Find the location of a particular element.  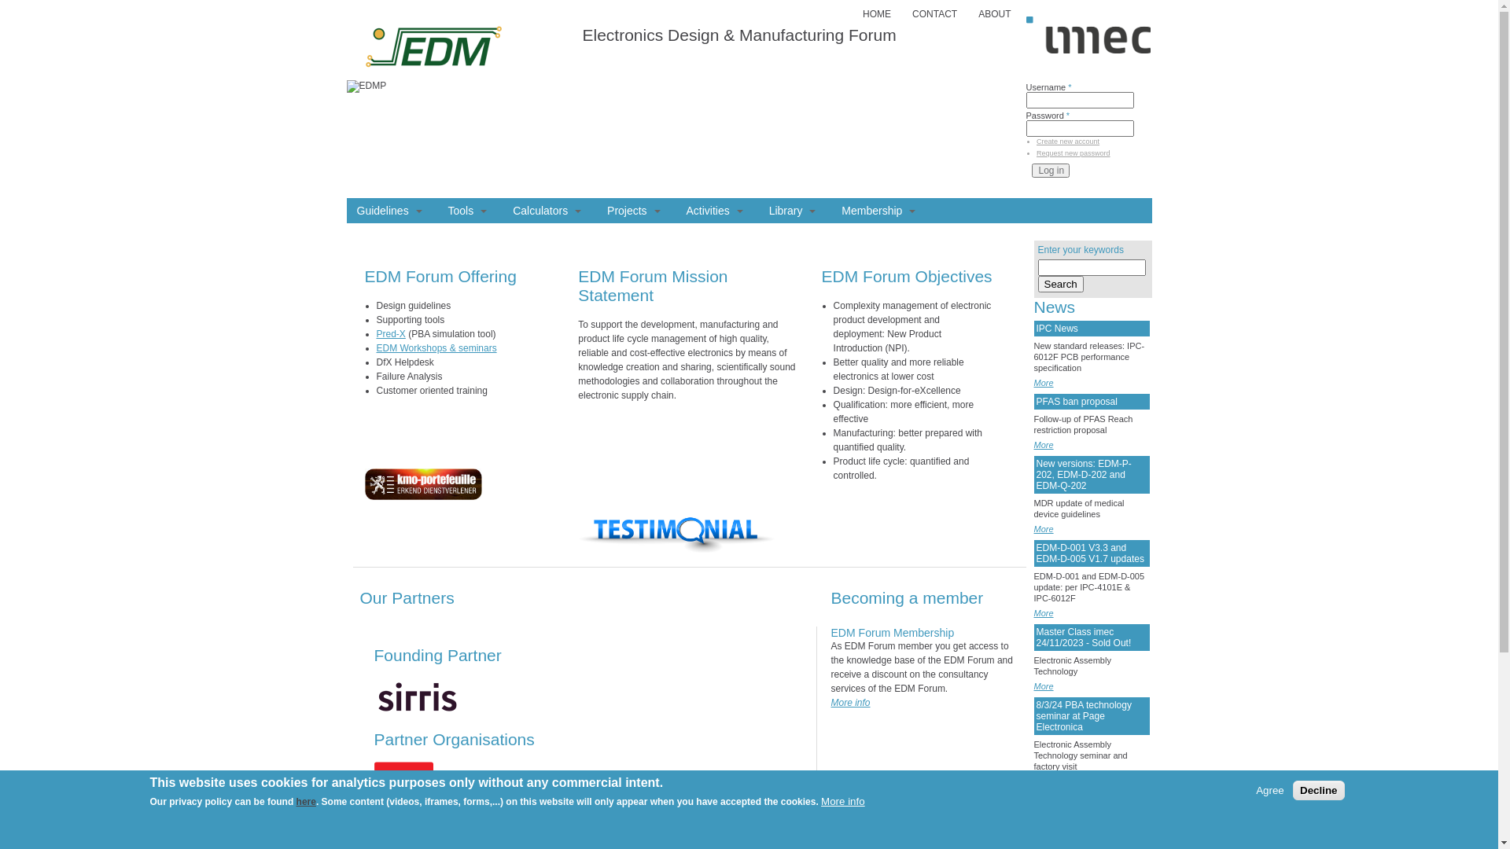

'Decline' is located at coordinates (1318, 790).